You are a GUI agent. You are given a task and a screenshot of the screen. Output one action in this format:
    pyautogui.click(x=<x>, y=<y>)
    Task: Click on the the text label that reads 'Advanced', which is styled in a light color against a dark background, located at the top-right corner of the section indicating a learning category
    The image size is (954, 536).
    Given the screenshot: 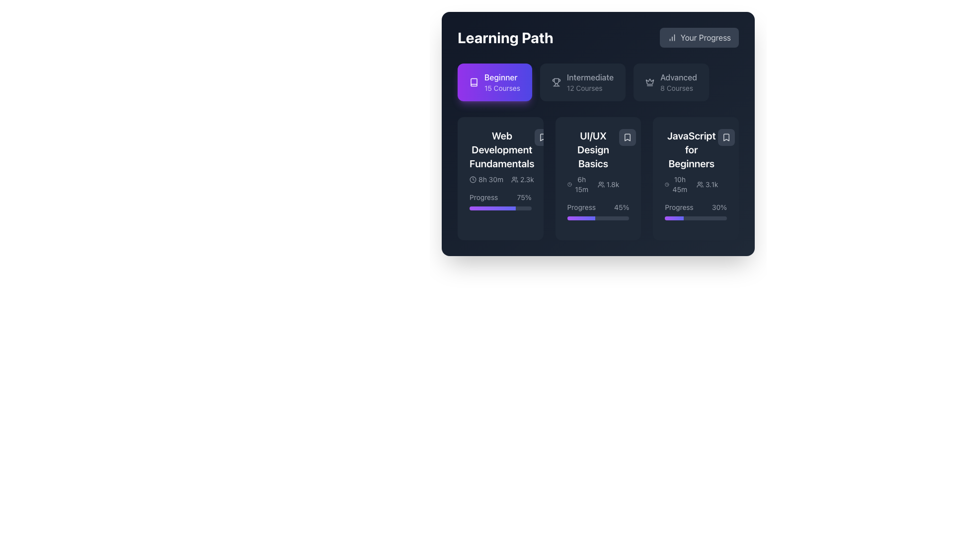 What is the action you would take?
    pyautogui.click(x=678, y=76)
    